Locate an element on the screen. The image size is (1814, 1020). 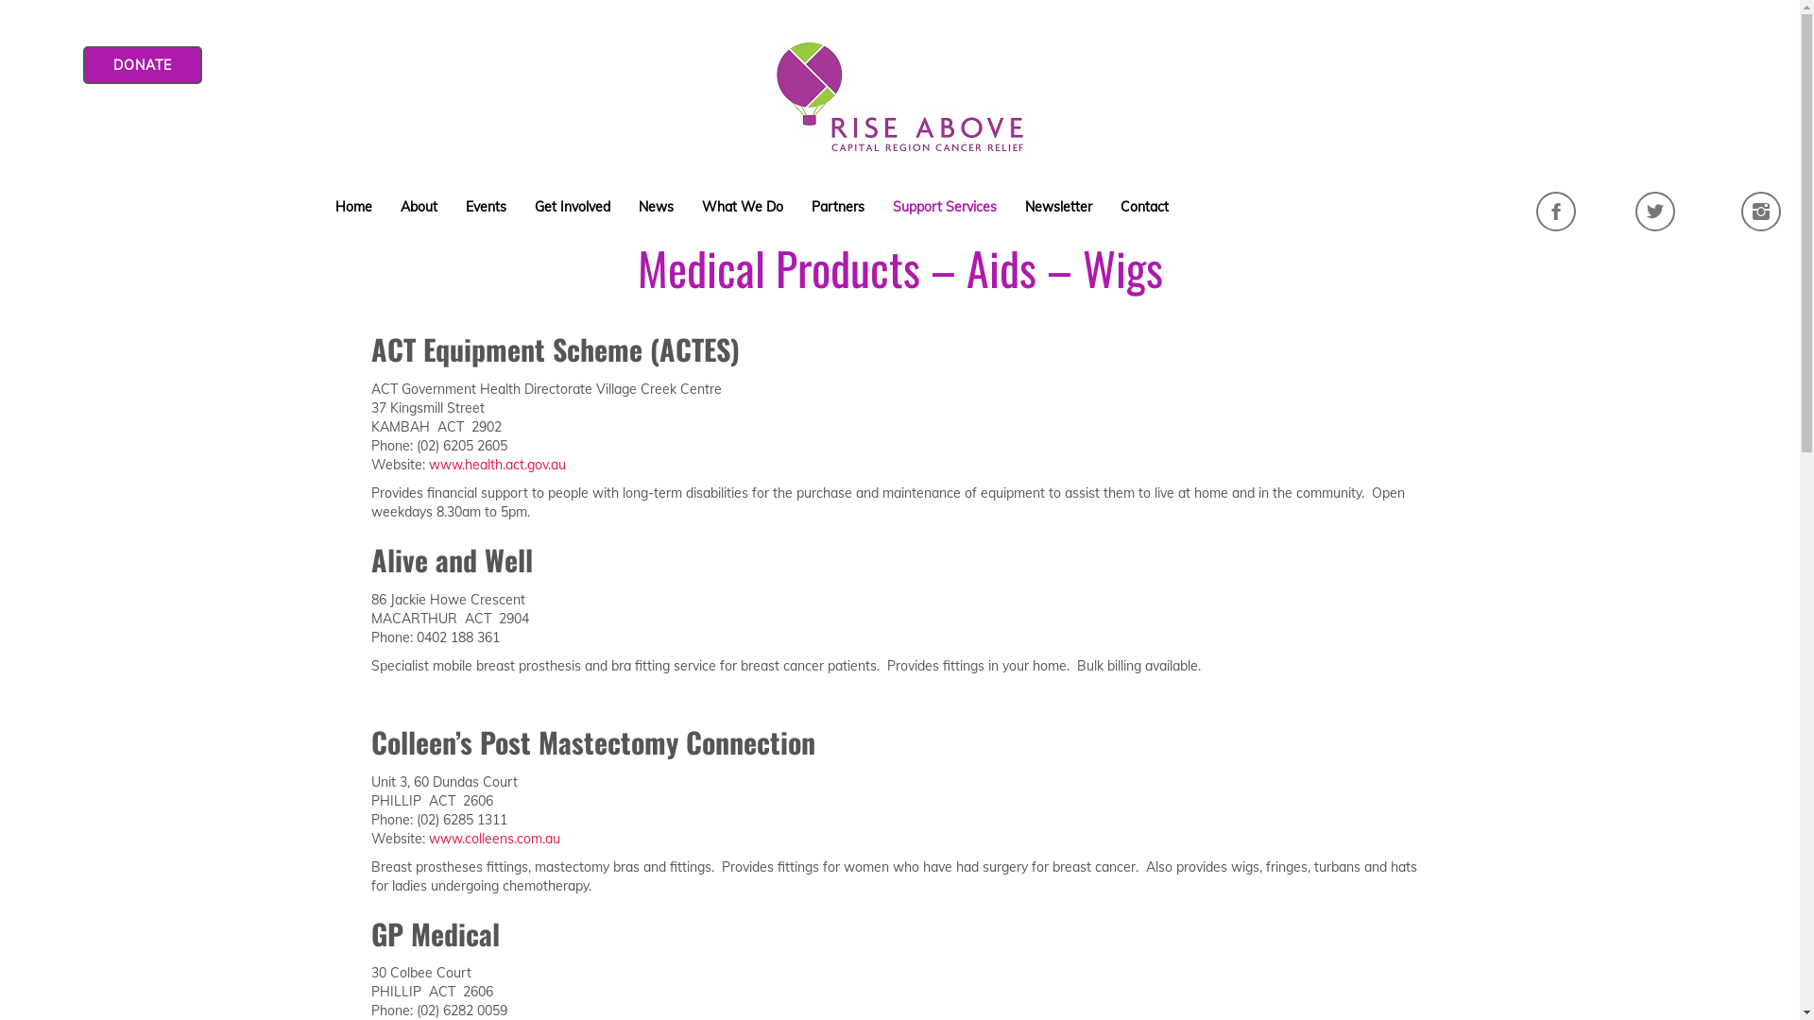
'Partners' is located at coordinates (837, 207).